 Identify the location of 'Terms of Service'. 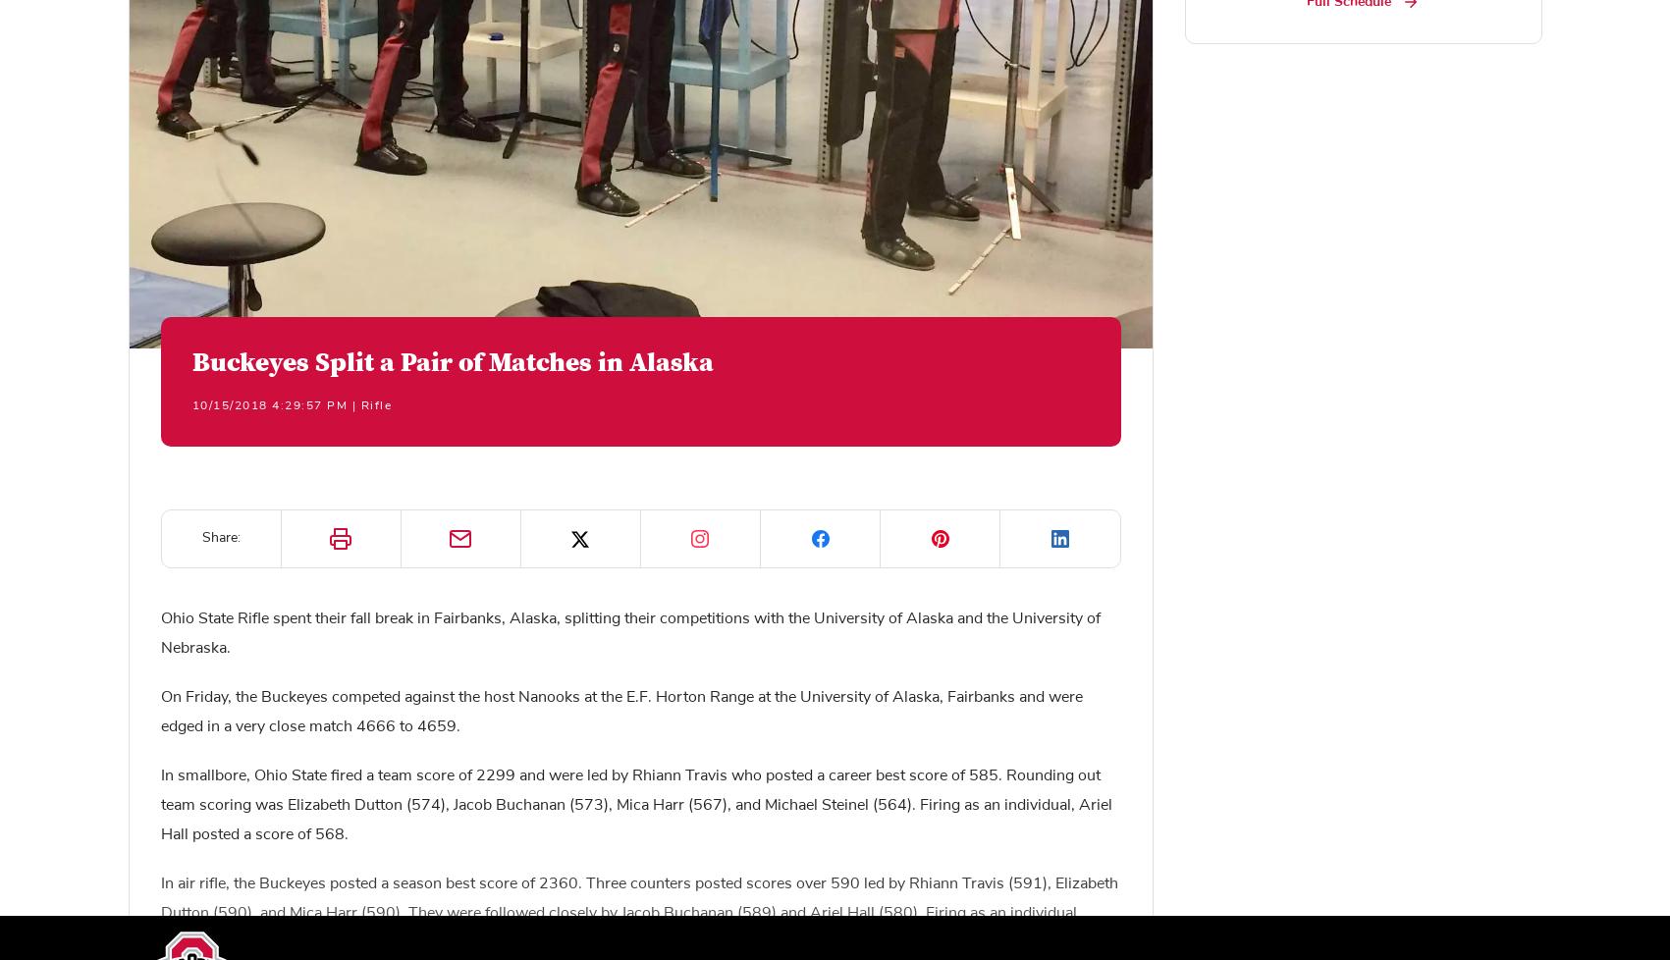
(200, 911).